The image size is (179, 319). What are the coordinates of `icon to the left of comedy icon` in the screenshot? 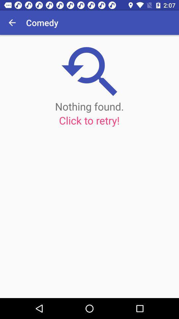 It's located at (12, 23).